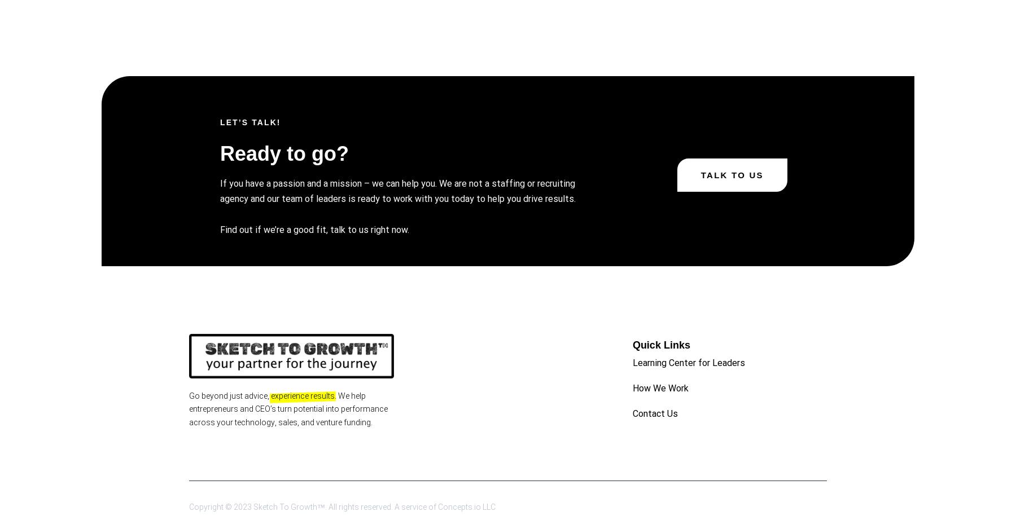 Image resolution: width=1016 pixels, height=520 pixels. I want to click on 'If you have a passion and a mission – we can help you. We are not a staffing or recruiting agency and our team of leaders is ready to work with you today to help you drive results.', so click(220, 191).